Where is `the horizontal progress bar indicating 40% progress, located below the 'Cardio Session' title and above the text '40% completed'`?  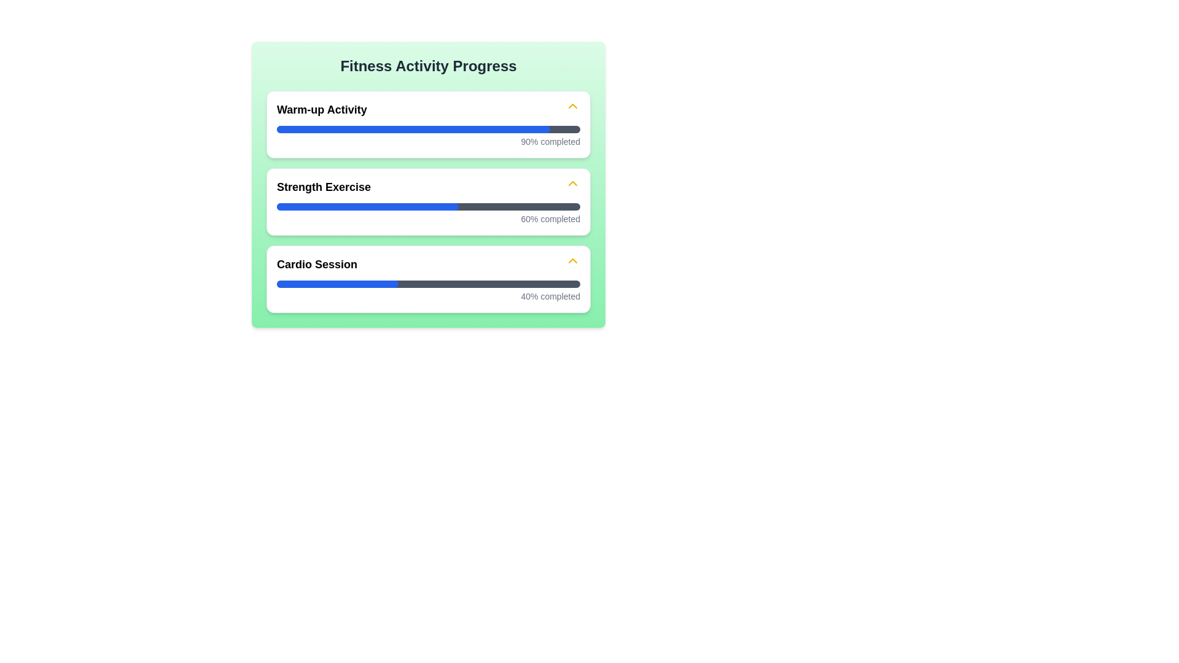
the horizontal progress bar indicating 40% progress, located below the 'Cardio Session' title and above the text '40% completed' is located at coordinates (428, 284).